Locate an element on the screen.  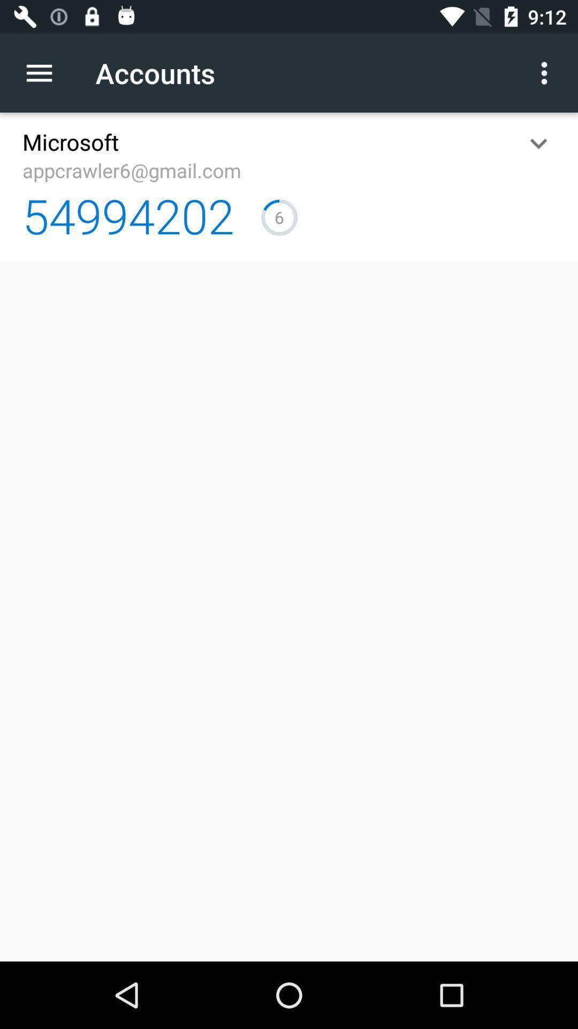
app above the 54994202 item is located at coordinates (131, 169).